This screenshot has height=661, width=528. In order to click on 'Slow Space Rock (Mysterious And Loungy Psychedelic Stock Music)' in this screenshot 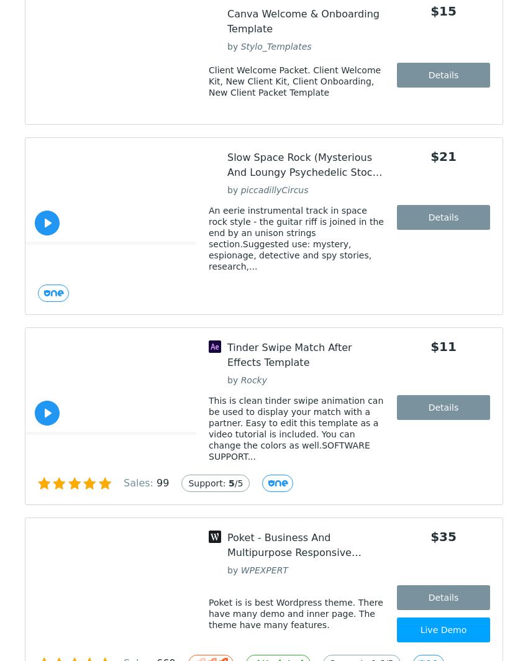, I will do `click(227, 172)`.